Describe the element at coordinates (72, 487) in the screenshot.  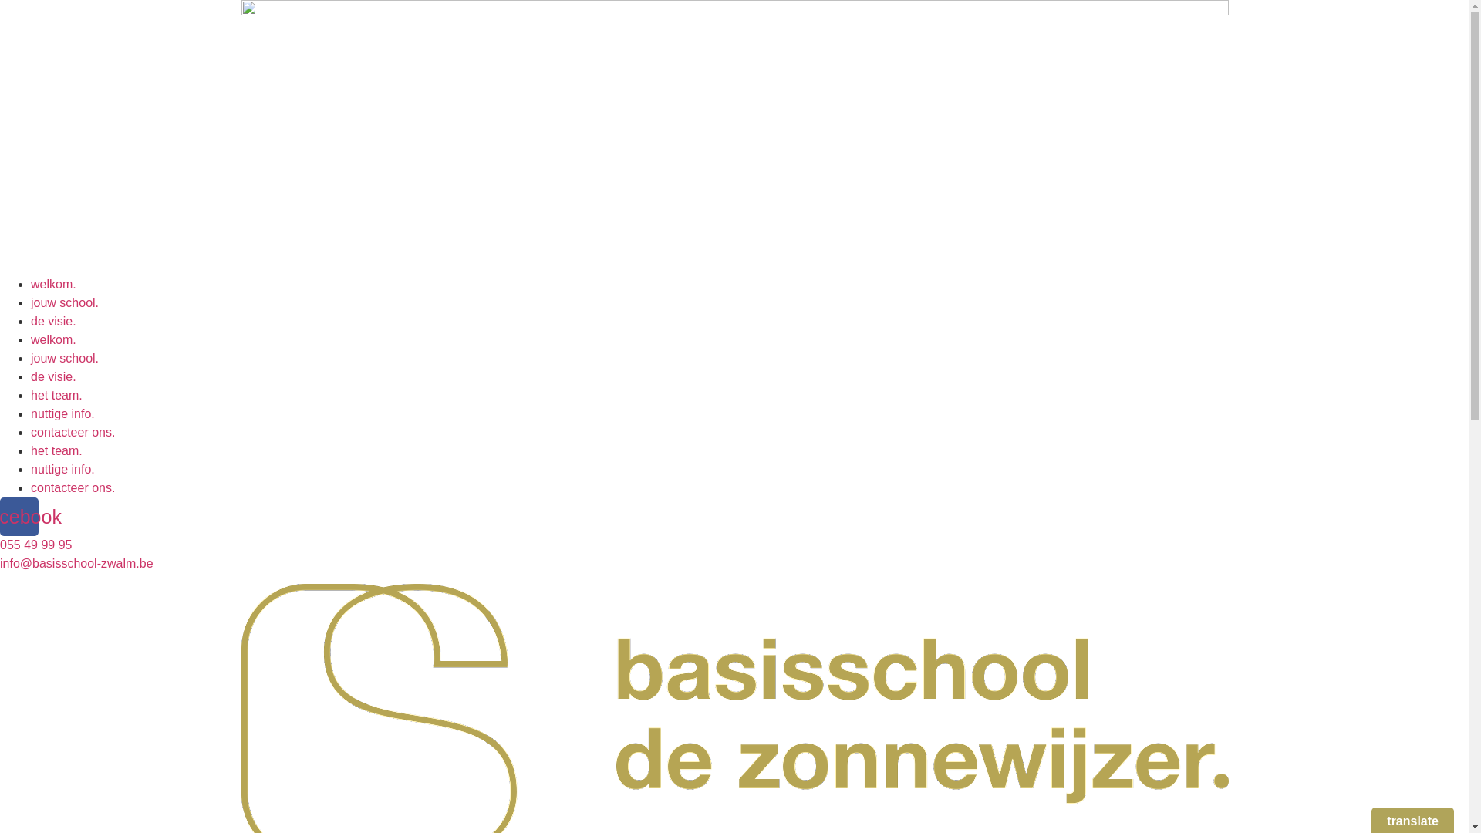
I see `'contacteer ons.'` at that location.